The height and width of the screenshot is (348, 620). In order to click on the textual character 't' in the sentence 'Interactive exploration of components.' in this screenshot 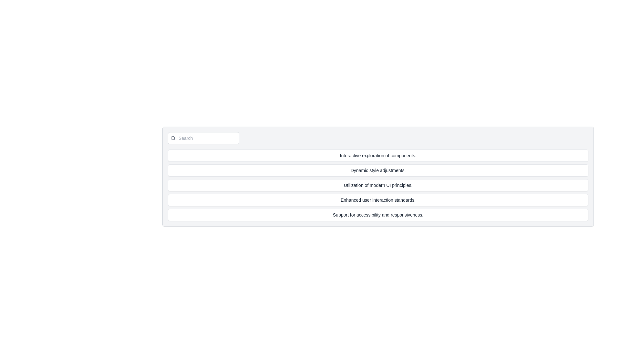, I will do `click(377, 155)`.